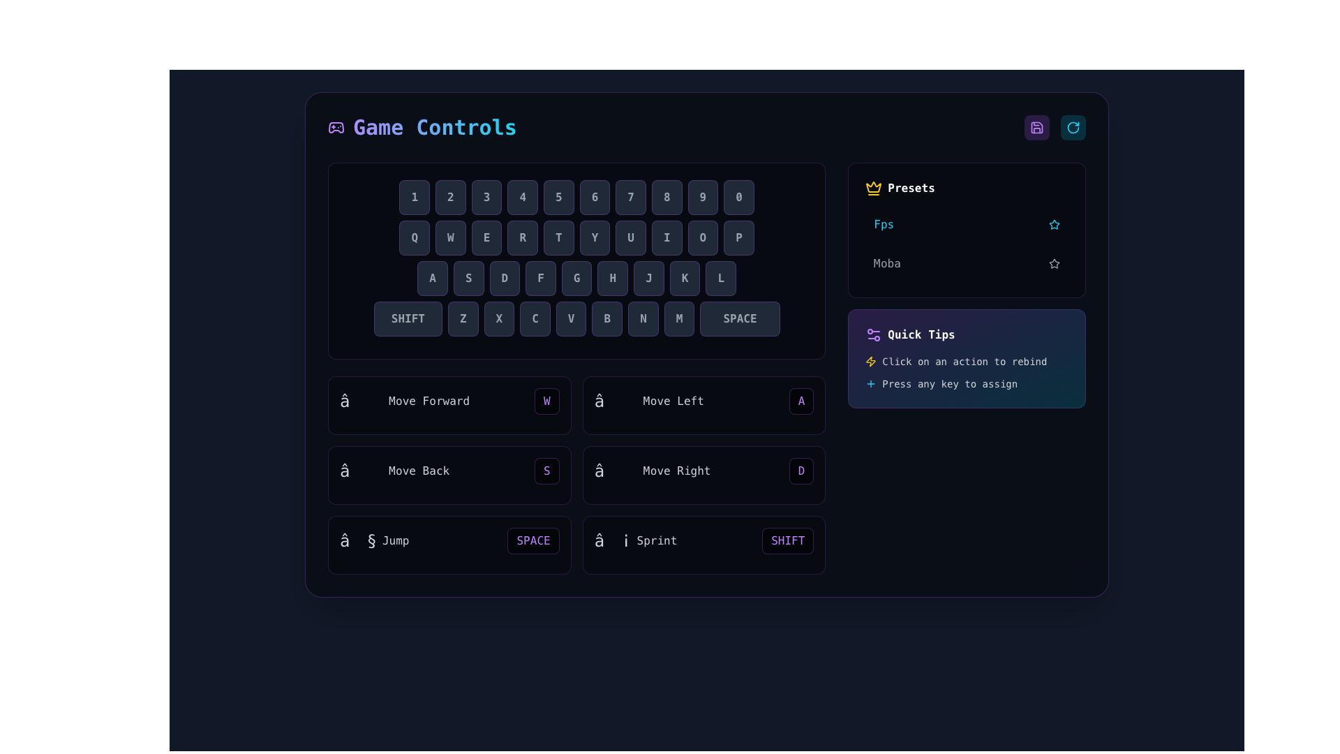  I want to click on the button representing the letter 'K', so click(685, 278).